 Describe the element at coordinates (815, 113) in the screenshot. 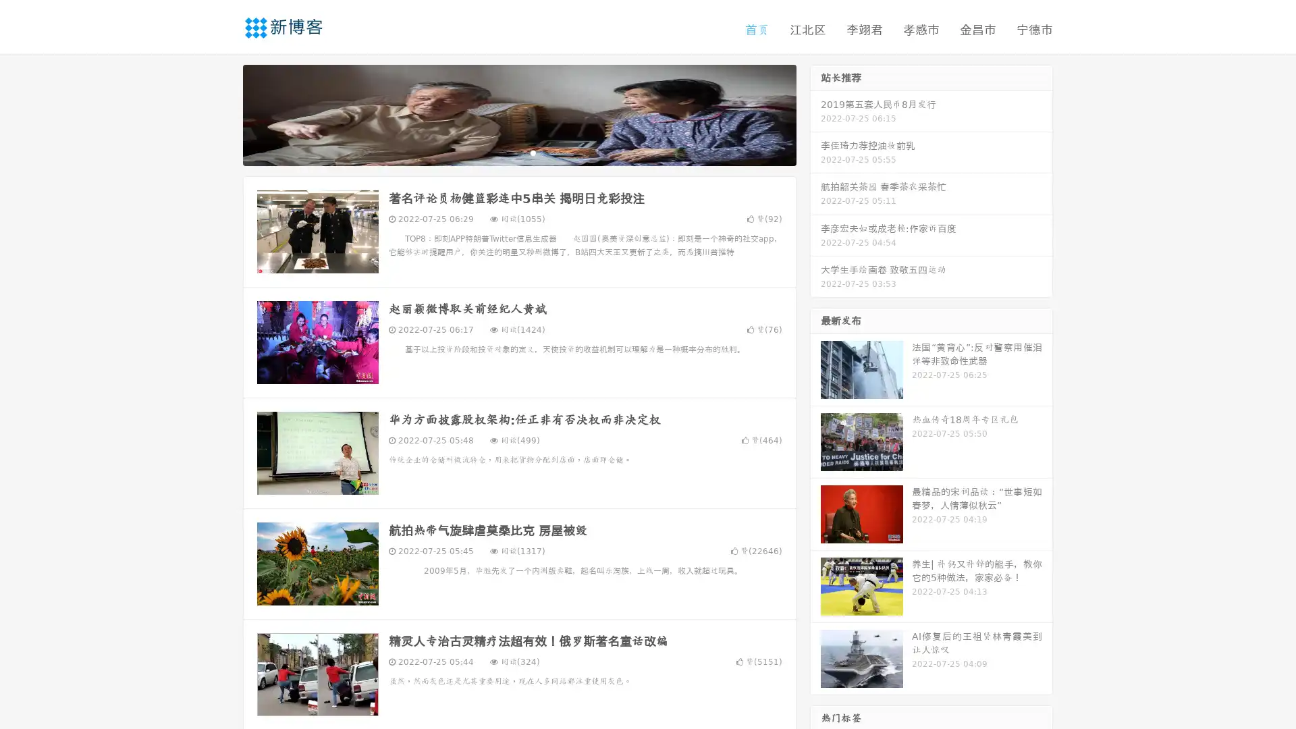

I see `Next slide` at that location.